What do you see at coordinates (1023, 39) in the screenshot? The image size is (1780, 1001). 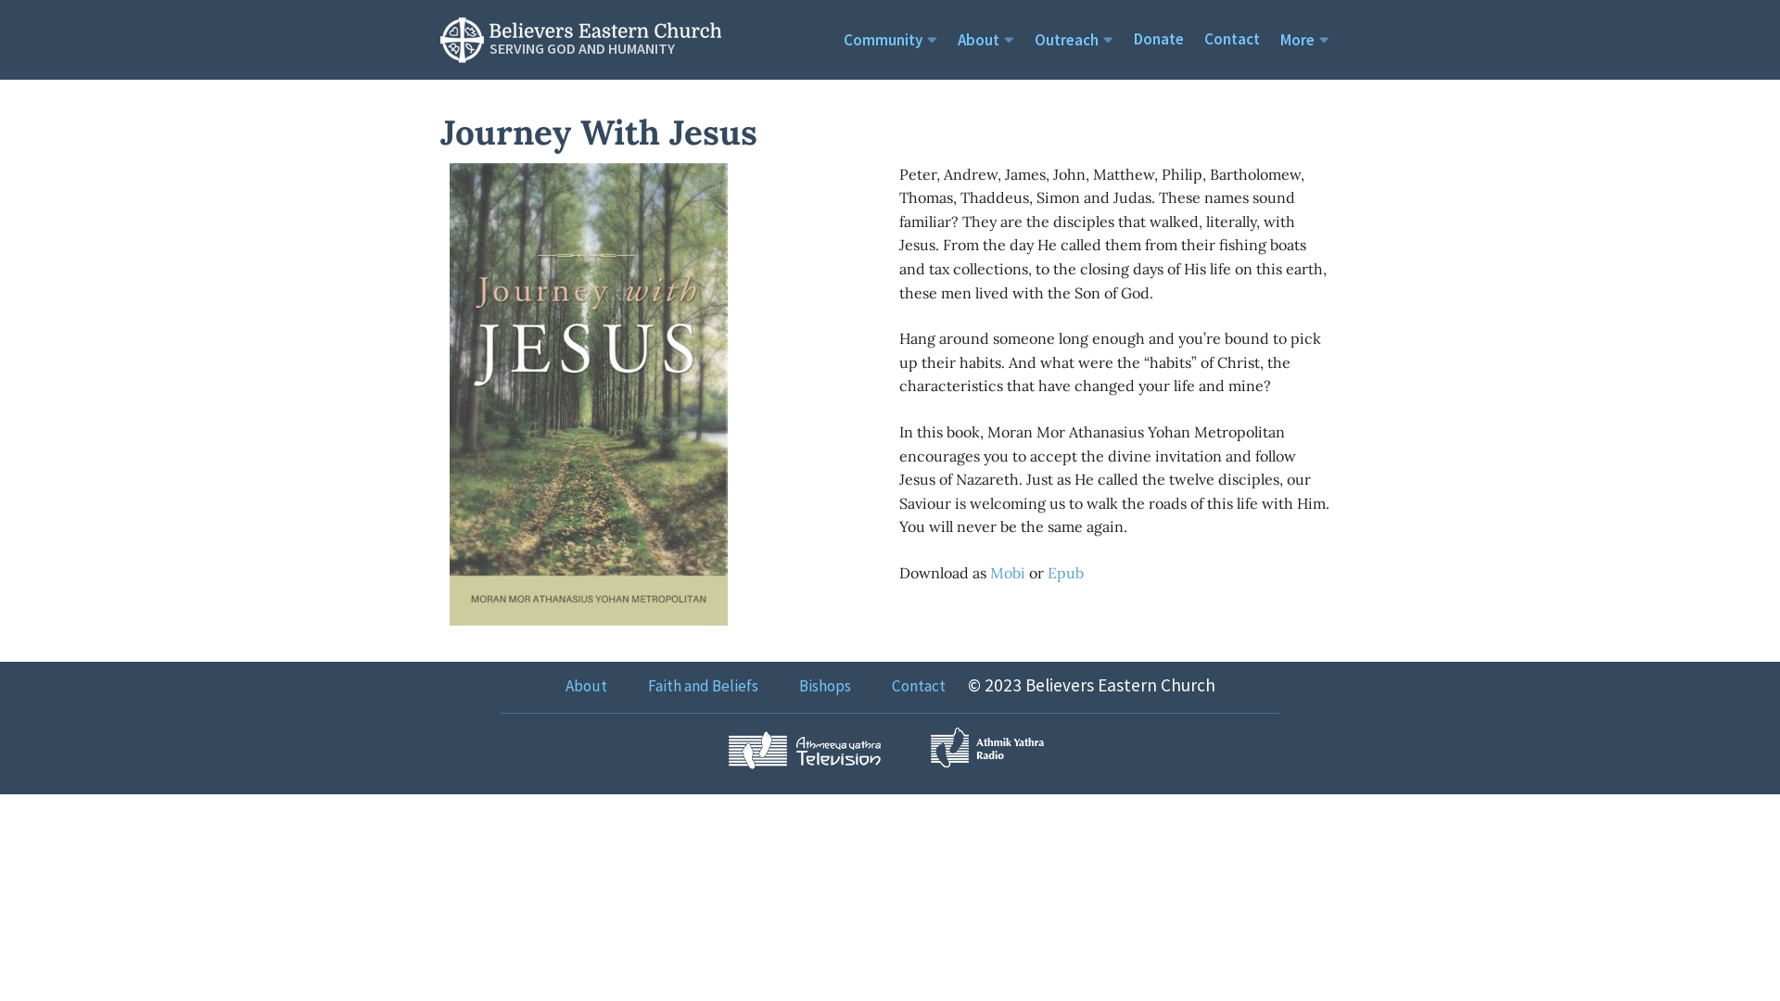 I see `'Outreach'` at bounding box center [1023, 39].